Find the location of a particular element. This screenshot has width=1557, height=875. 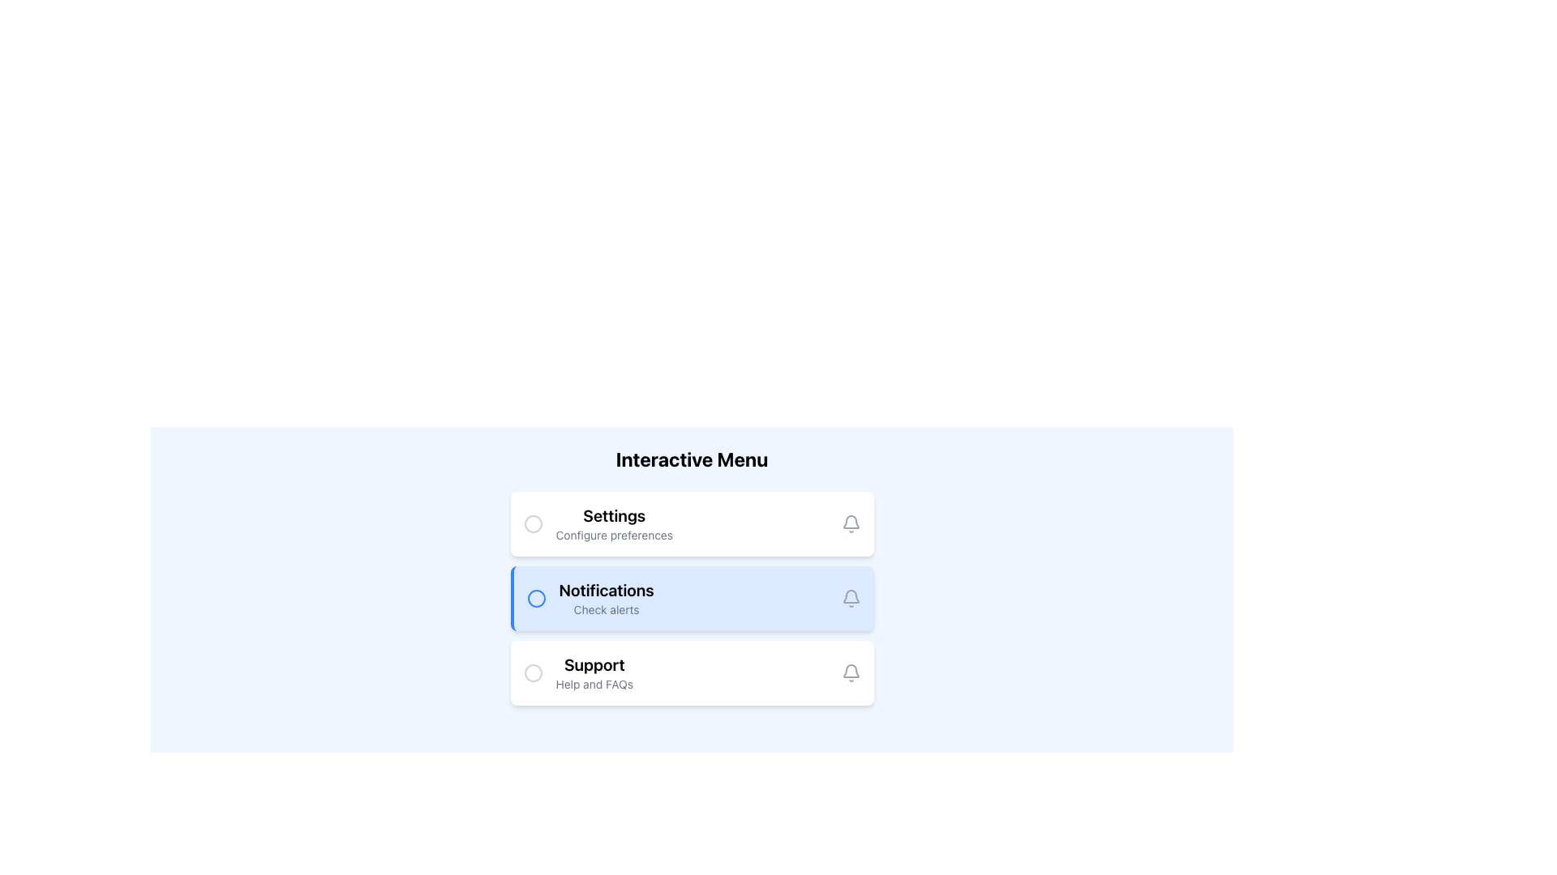

the visual representation of the notification bell icon located on the right side of the 'Notifications' row in the interactive menu, characterized by its light gray, minimalist design is located at coordinates (850, 596).